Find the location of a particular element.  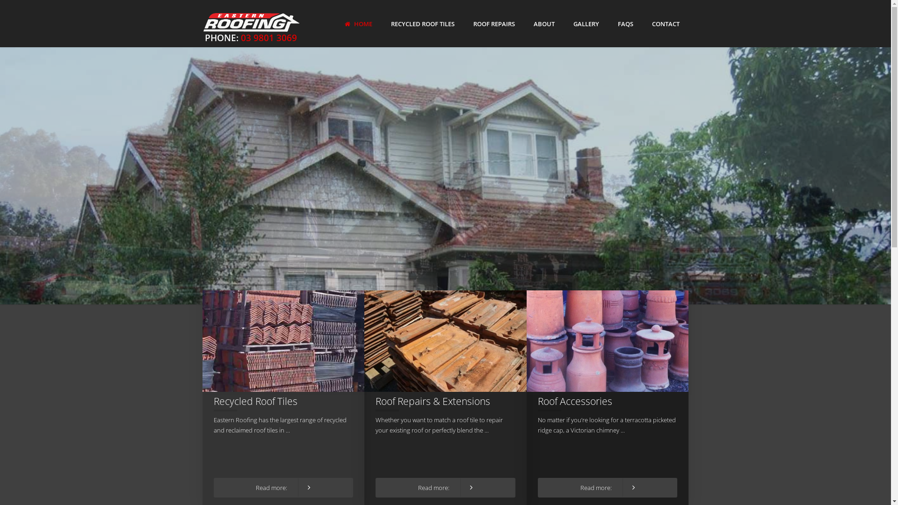

'Roof Accessories' is located at coordinates (527, 341).